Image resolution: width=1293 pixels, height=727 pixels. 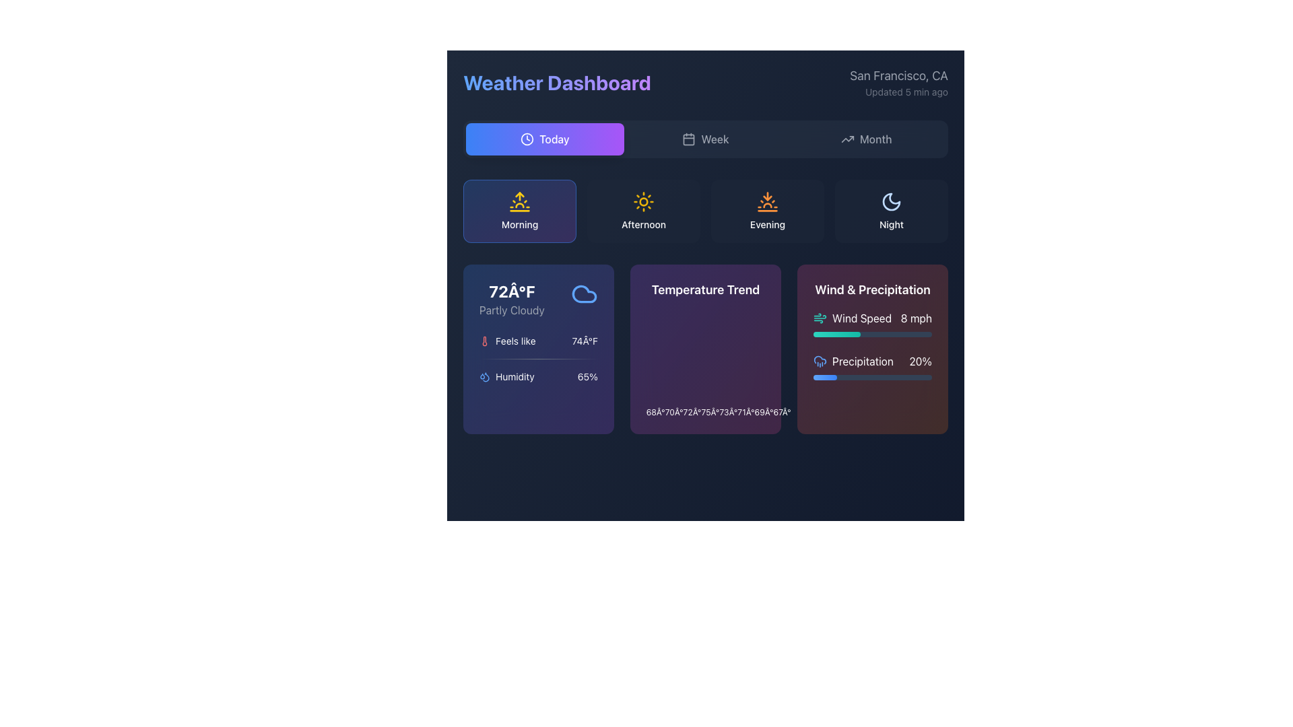 What do you see at coordinates (892, 224) in the screenshot?
I see `the 'Night' text label, which is styled in a medium-weight font and positioned beneath a moon icon, located in the fourth column of the row under the 'Today' tab` at bounding box center [892, 224].